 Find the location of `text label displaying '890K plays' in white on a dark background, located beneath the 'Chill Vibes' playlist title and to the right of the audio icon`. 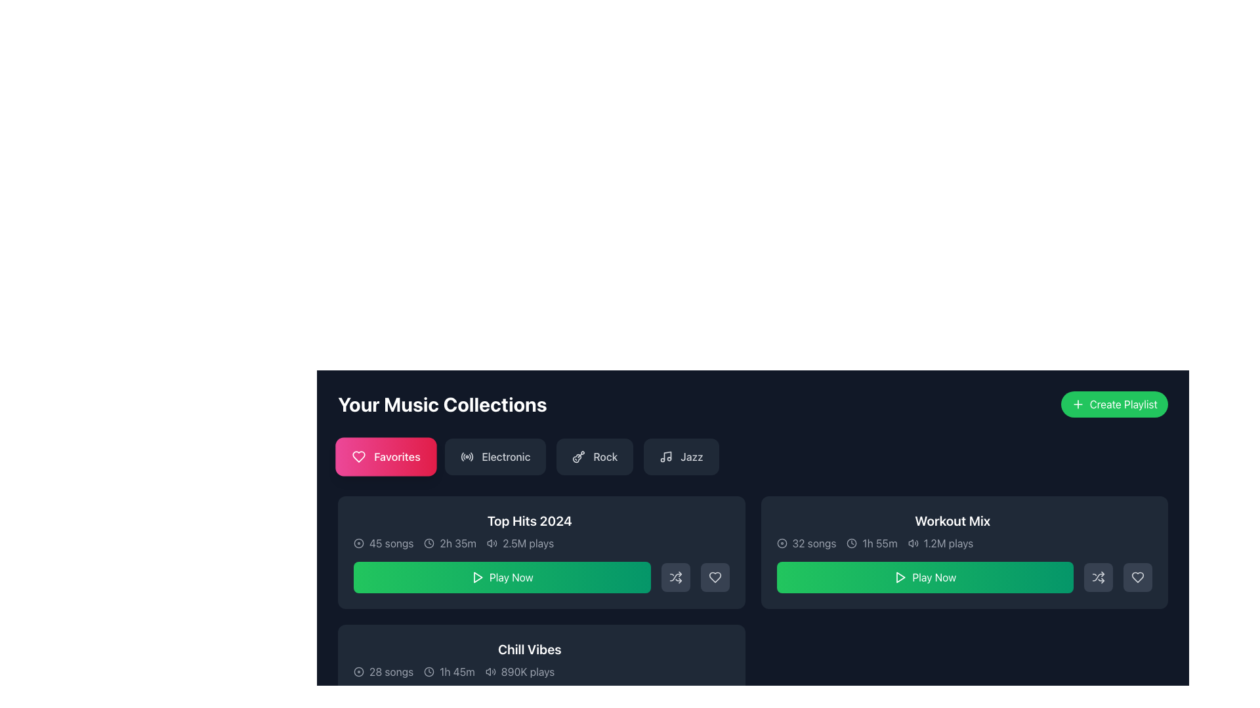

text label displaying '890K plays' in white on a dark background, located beneath the 'Chill Vibes' playlist title and to the right of the audio icon is located at coordinates (528, 672).